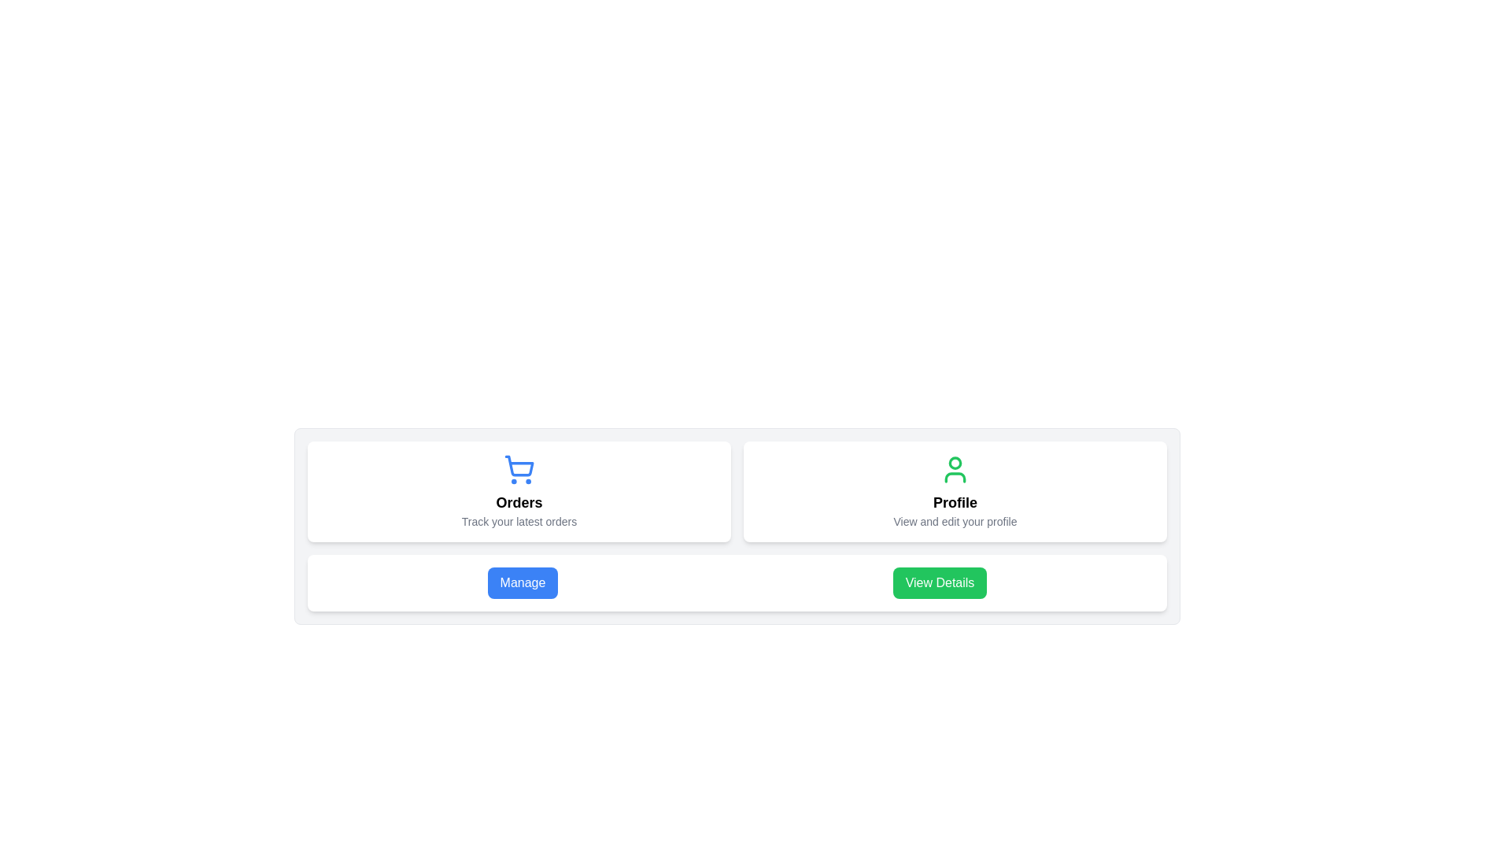 This screenshot has height=850, width=1511. I want to click on the button located to the right of the 'Manage' button in the 'Profile' section, so click(940, 582).